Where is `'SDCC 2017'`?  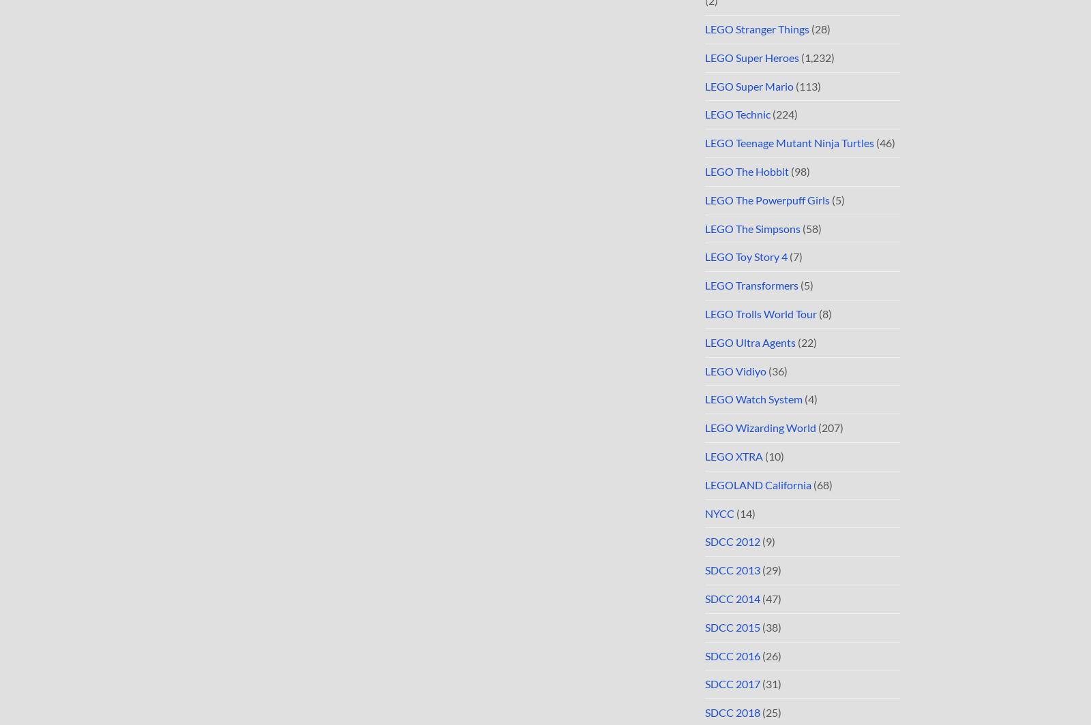 'SDCC 2017' is located at coordinates (732, 683).